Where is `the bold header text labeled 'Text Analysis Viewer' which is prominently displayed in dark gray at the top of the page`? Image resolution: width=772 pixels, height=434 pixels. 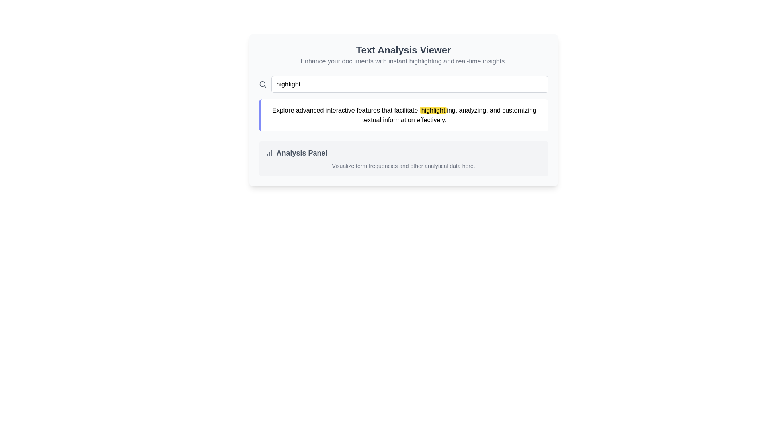
the bold header text labeled 'Text Analysis Viewer' which is prominently displayed in dark gray at the top of the page is located at coordinates (403, 50).